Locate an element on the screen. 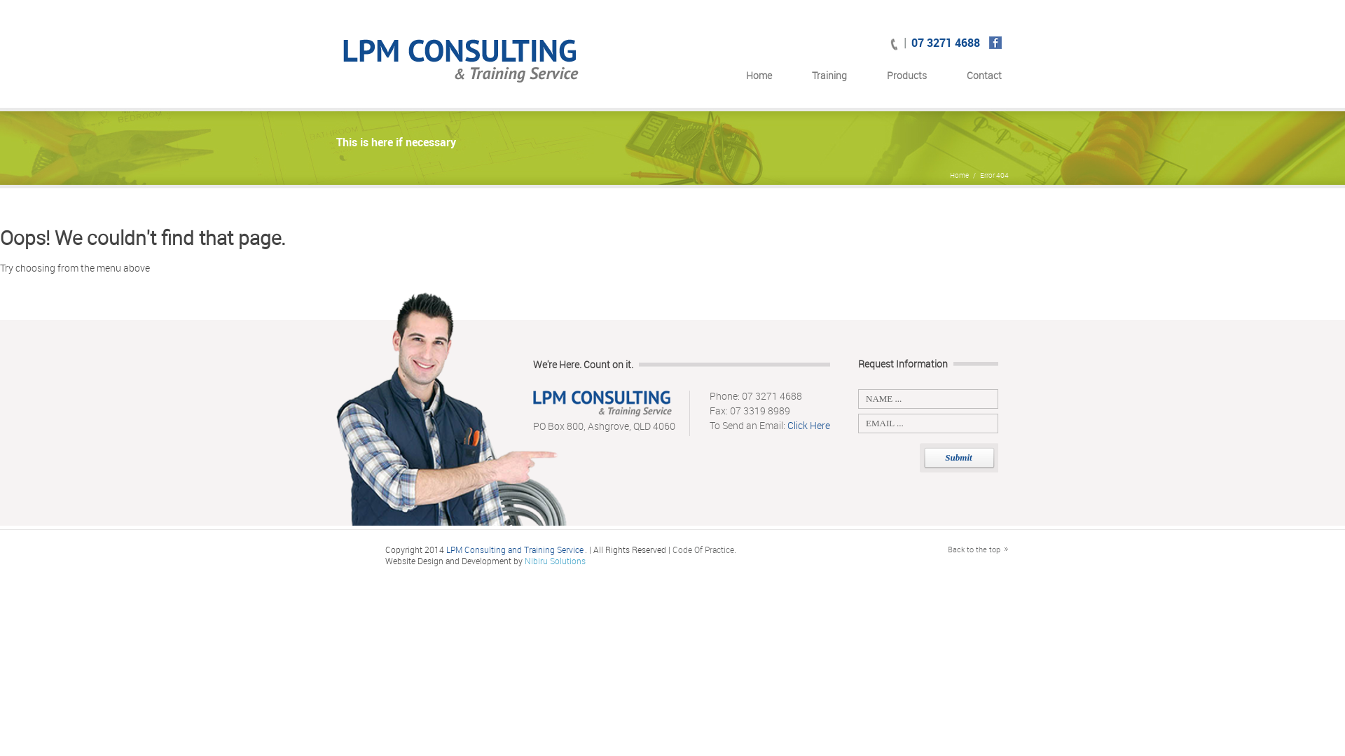  'Home' is located at coordinates (758, 78).